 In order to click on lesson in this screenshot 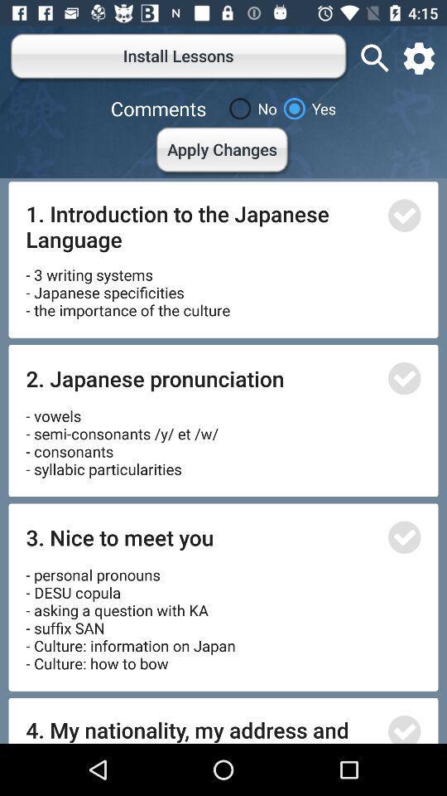, I will do `click(403, 536)`.